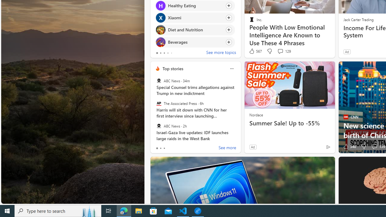 This screenshot has width=386, height=217. Describe the element at coordinates (160, 42) in the screenshot. I see `'Beverages'` at that location.